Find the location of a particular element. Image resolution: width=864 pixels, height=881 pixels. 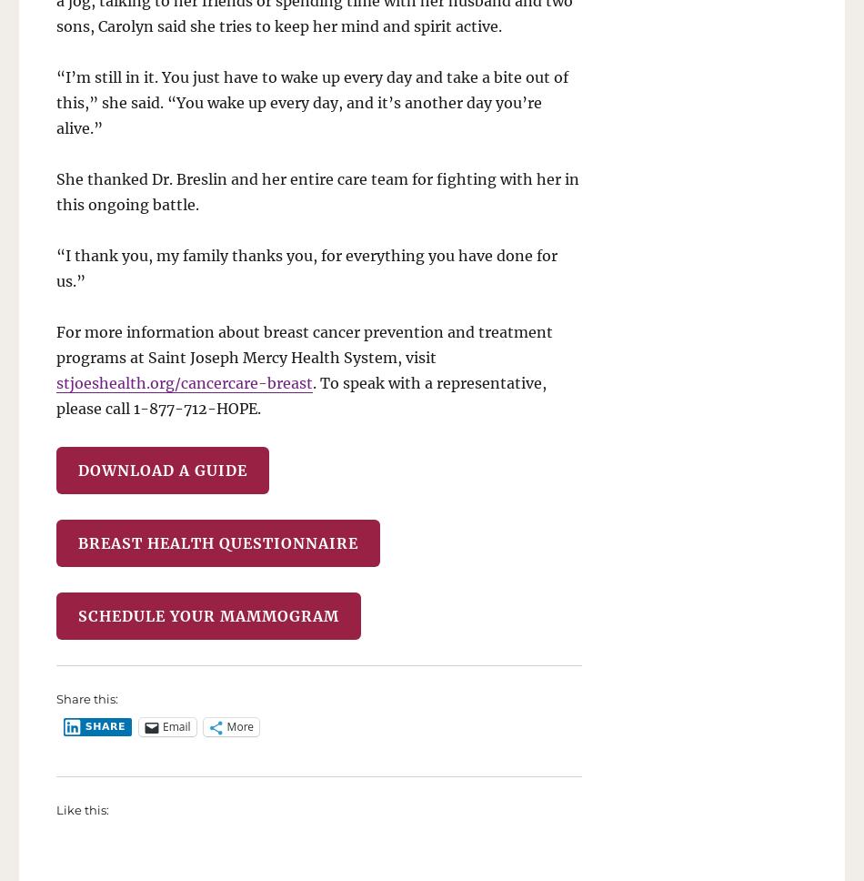

'stjoeshealth.org/cancercare-breast' is located at coordinates (185, 382).